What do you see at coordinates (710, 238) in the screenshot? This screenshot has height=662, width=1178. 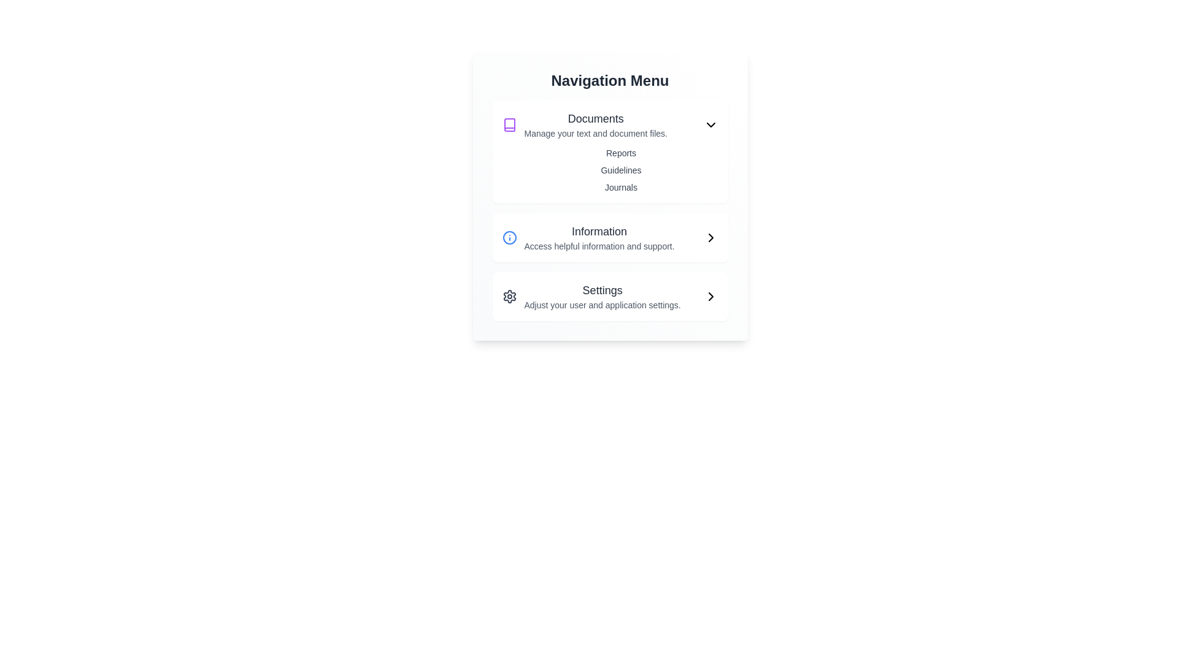 I see `the small right-pointing black chevron icon in the navigation menu under the 'Information' section, located centrally within its section, to indicate a rightward direction` at bounding box center [710, 238].